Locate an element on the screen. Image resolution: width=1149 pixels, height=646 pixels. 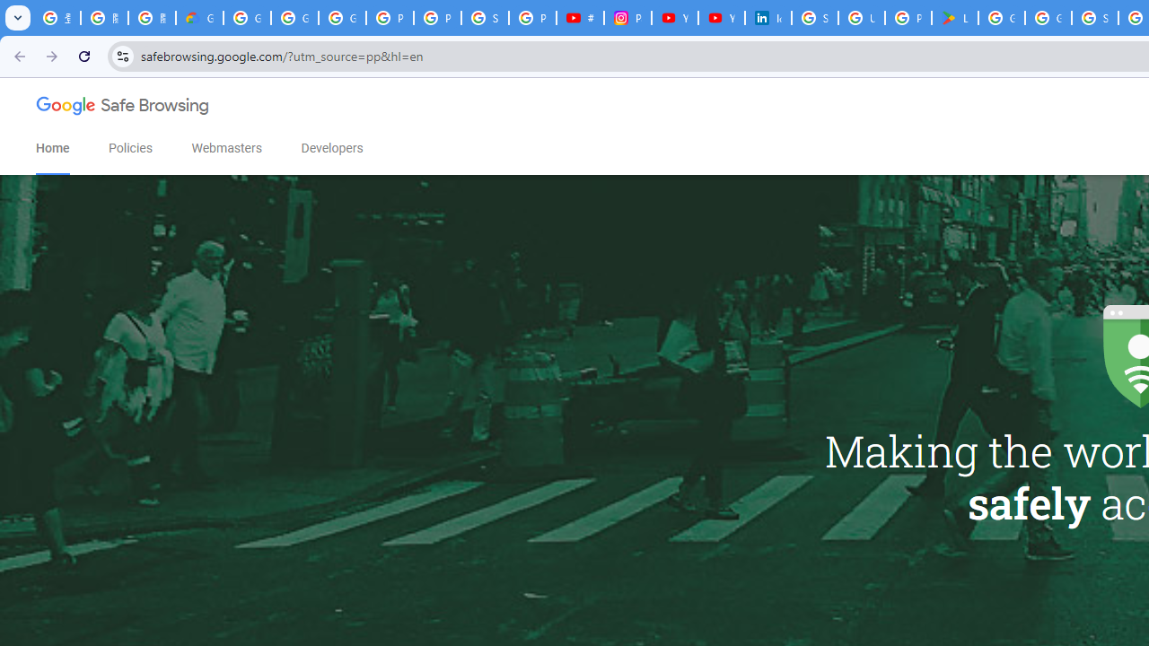
'Last Shelter: Survival - Apps on Google Play' is located at coordinates (954, 18).